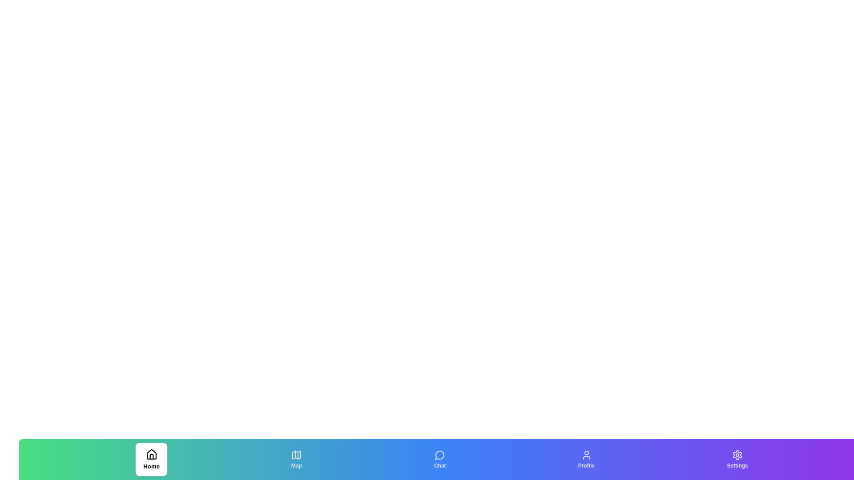 The width and height of the screenshot is (854, 480). Describe the element at coordinates (151, 459) in the screenshot. I see `the Home tab to observe the hover effect` at that location.